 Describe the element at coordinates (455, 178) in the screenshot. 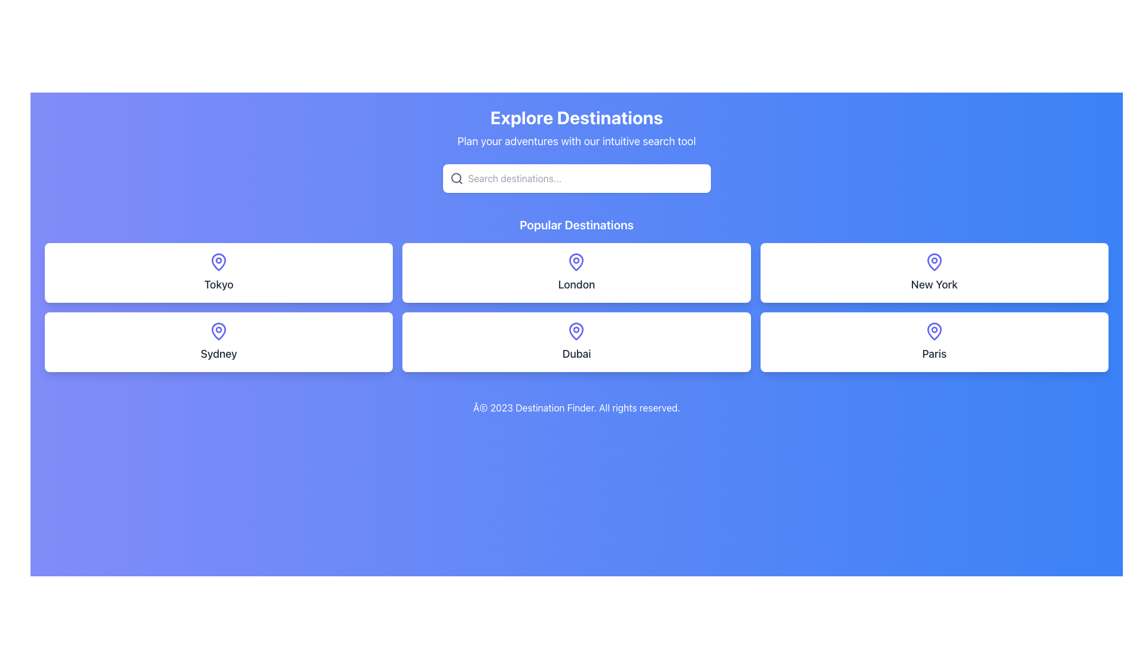

I see `the circle element representing the search functionality within the magnifying glass icon in the top section of the interface` at that location.